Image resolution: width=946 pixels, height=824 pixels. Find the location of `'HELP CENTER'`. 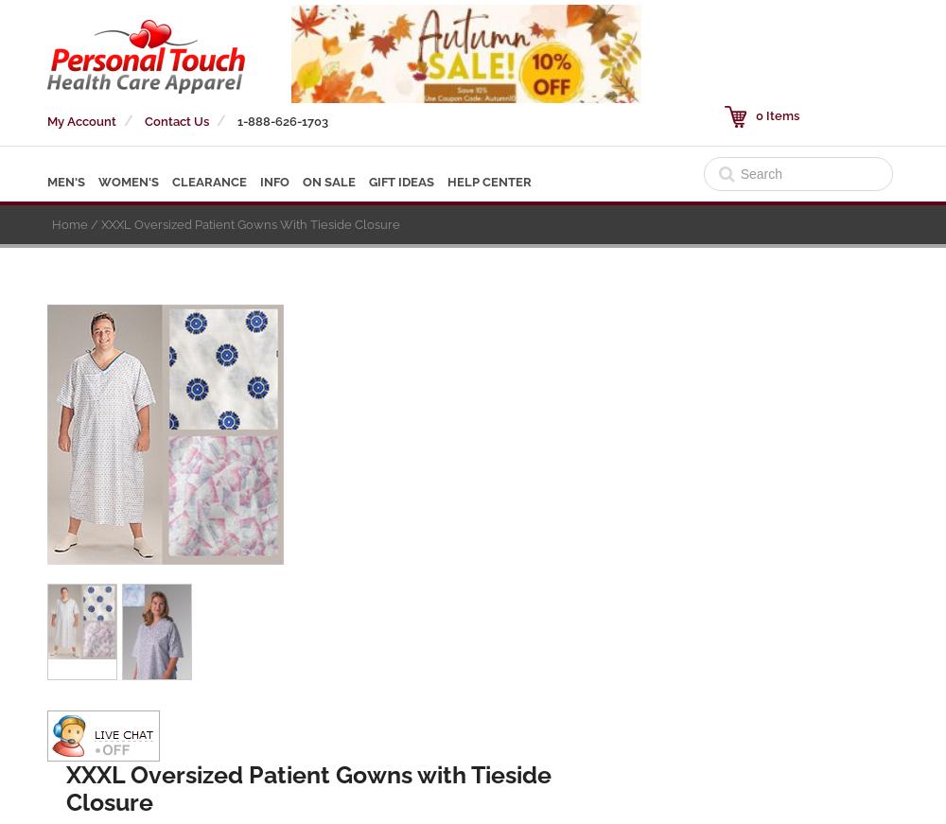

'HELP CENTER' is located at coordinates (489, 182).